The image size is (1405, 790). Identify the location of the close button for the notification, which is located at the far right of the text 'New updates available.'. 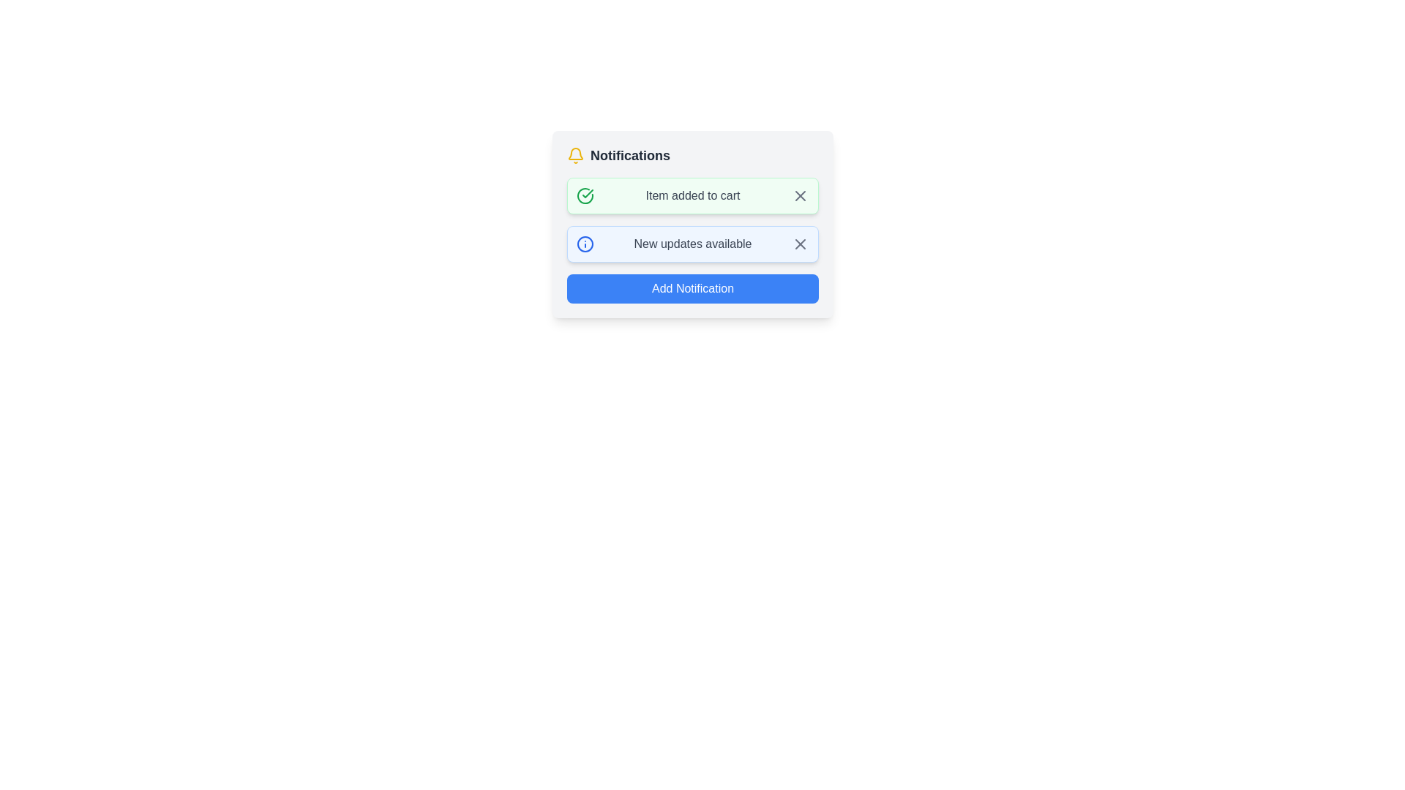
(800, 244).